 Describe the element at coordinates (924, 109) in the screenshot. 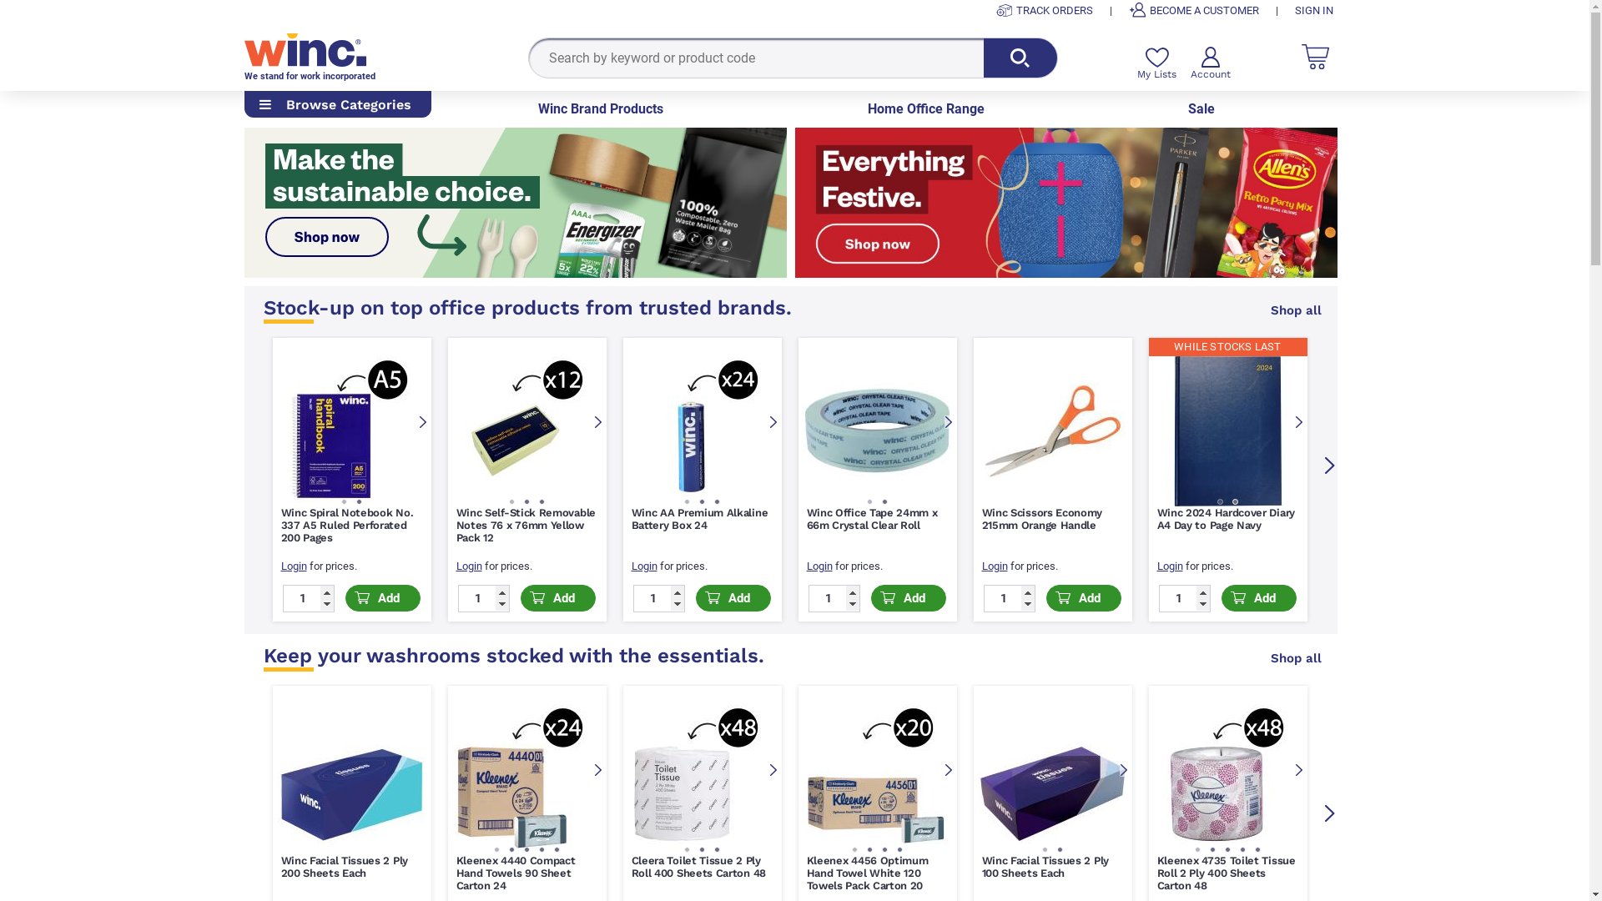

I see `'Home Office Range'` at that location.